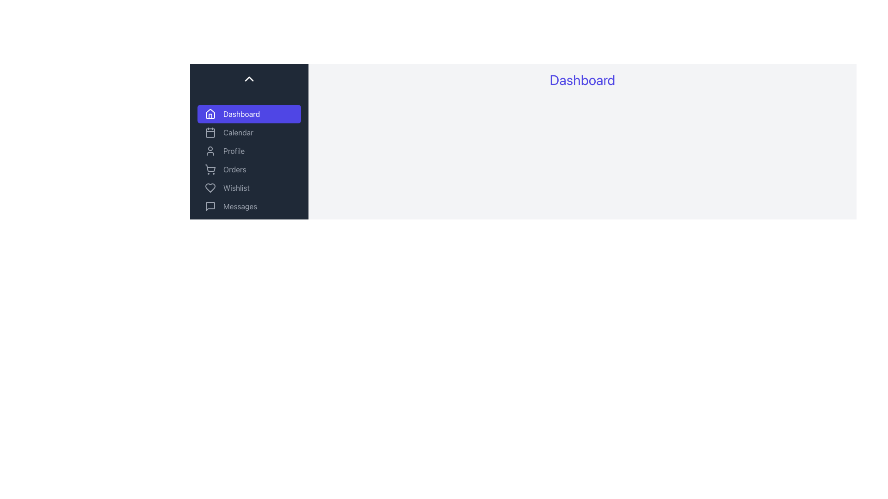  What do you see at coordinates (249, 206) in the screenshot?
I see `the 'Messages' button in the vertical sidebar navigation menu, which is the sixth item below 'Wishlist' and above 'Settings'` at bounding box center [249, 206].